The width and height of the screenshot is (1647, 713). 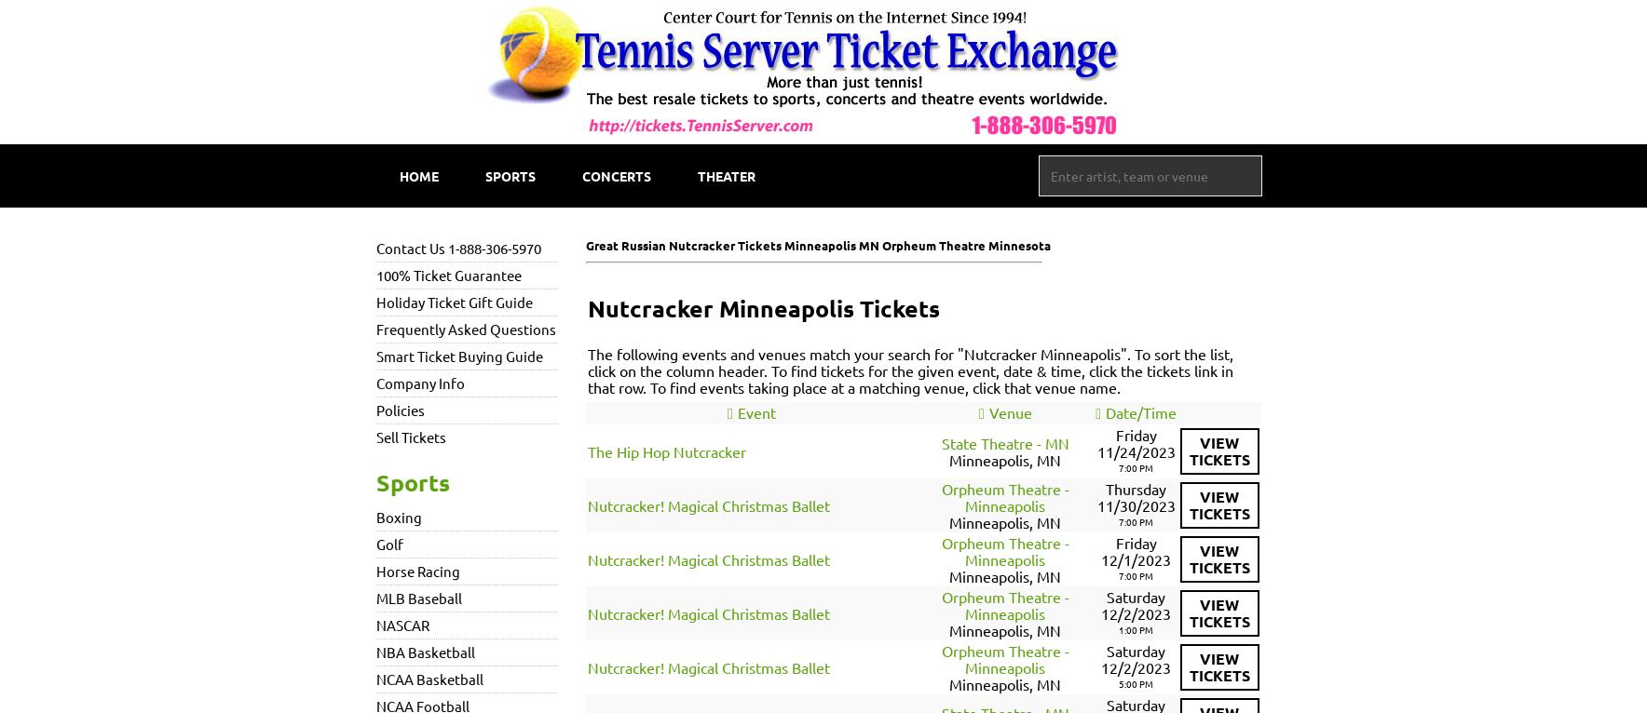 What do you see at coordinates (1136, 683) in the screenshot?
I see `'5:00 PM'` at bounding box center [1136, 683].